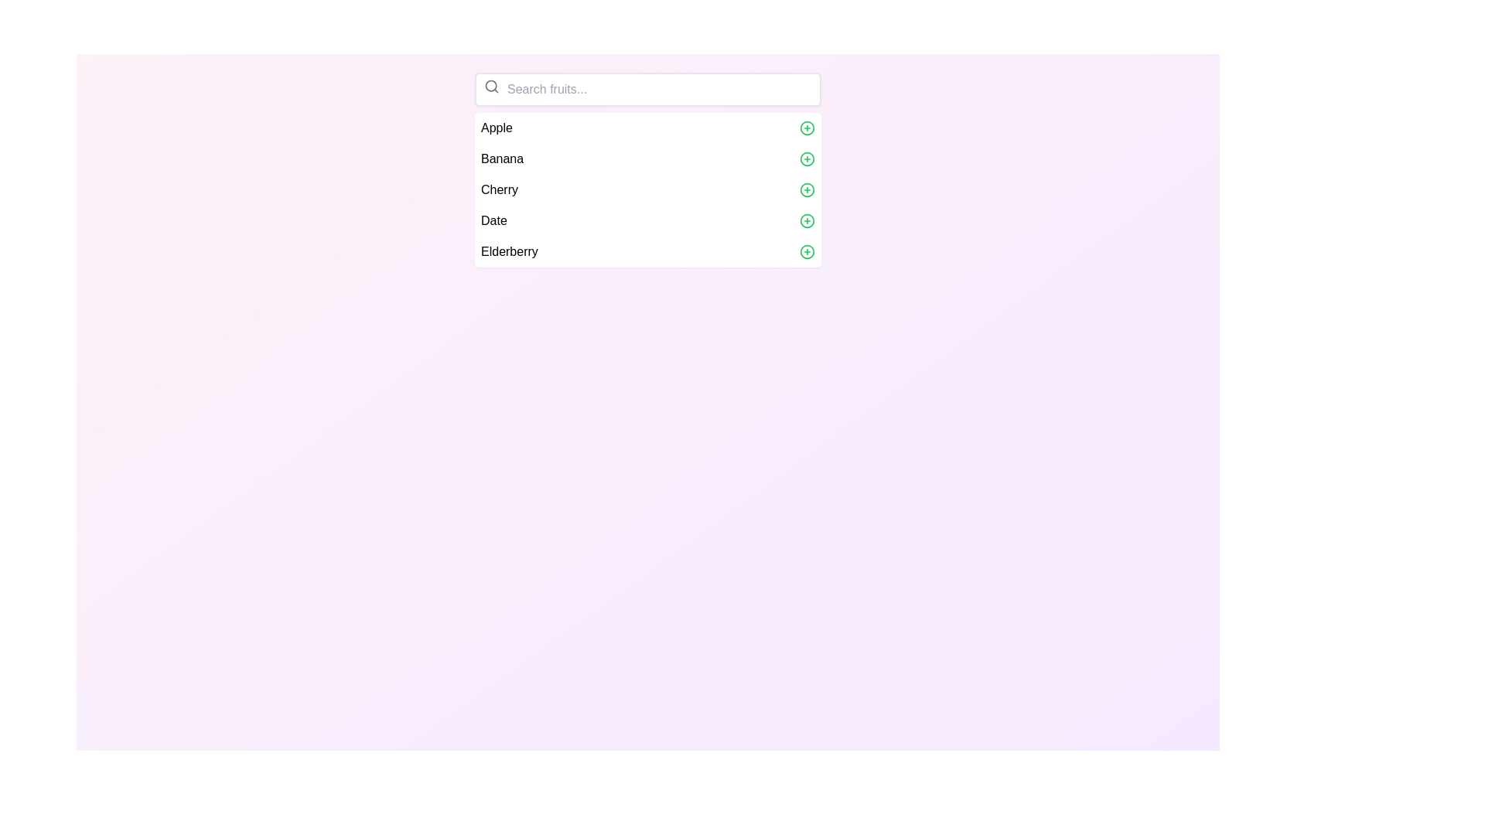 The height and width of the screenshot is (835, 1485). Describe the element at coordinates (806, 251) in the screenshot. I see `the interactive icon with a green border located at the bottom of the list next to the 'Elderberry' text` at that location.